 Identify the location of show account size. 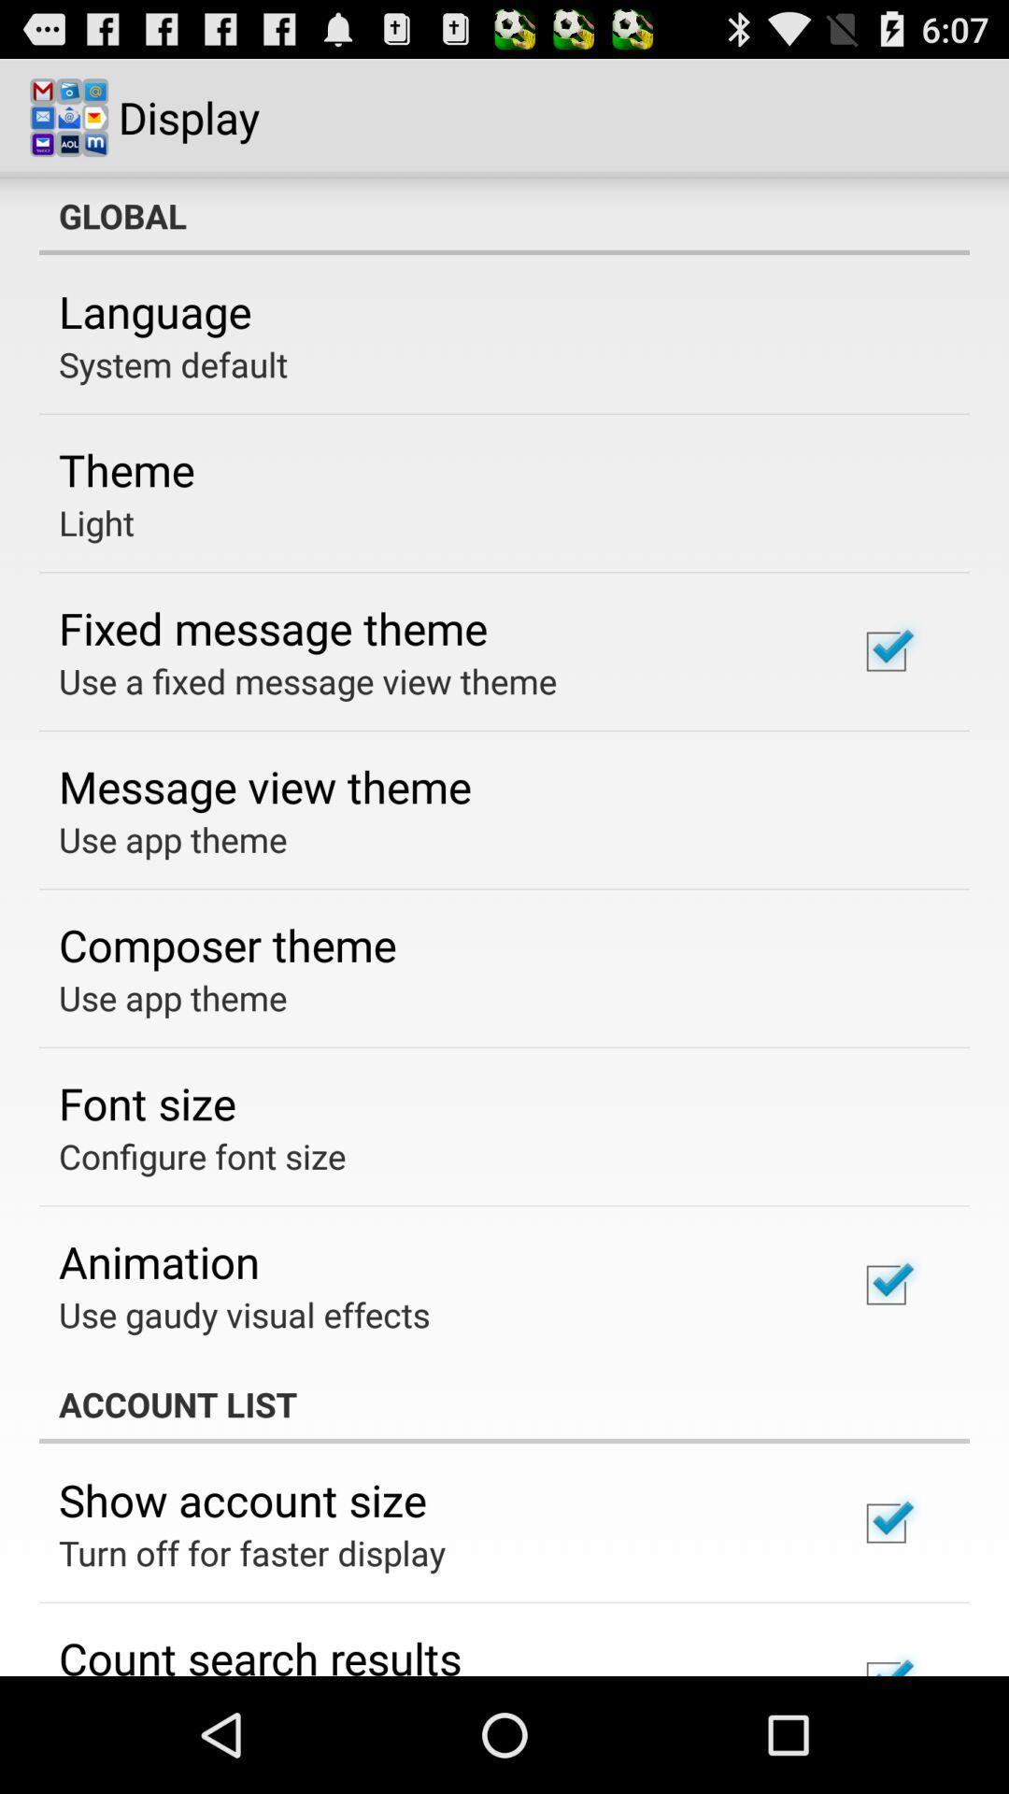
(241, 1500).